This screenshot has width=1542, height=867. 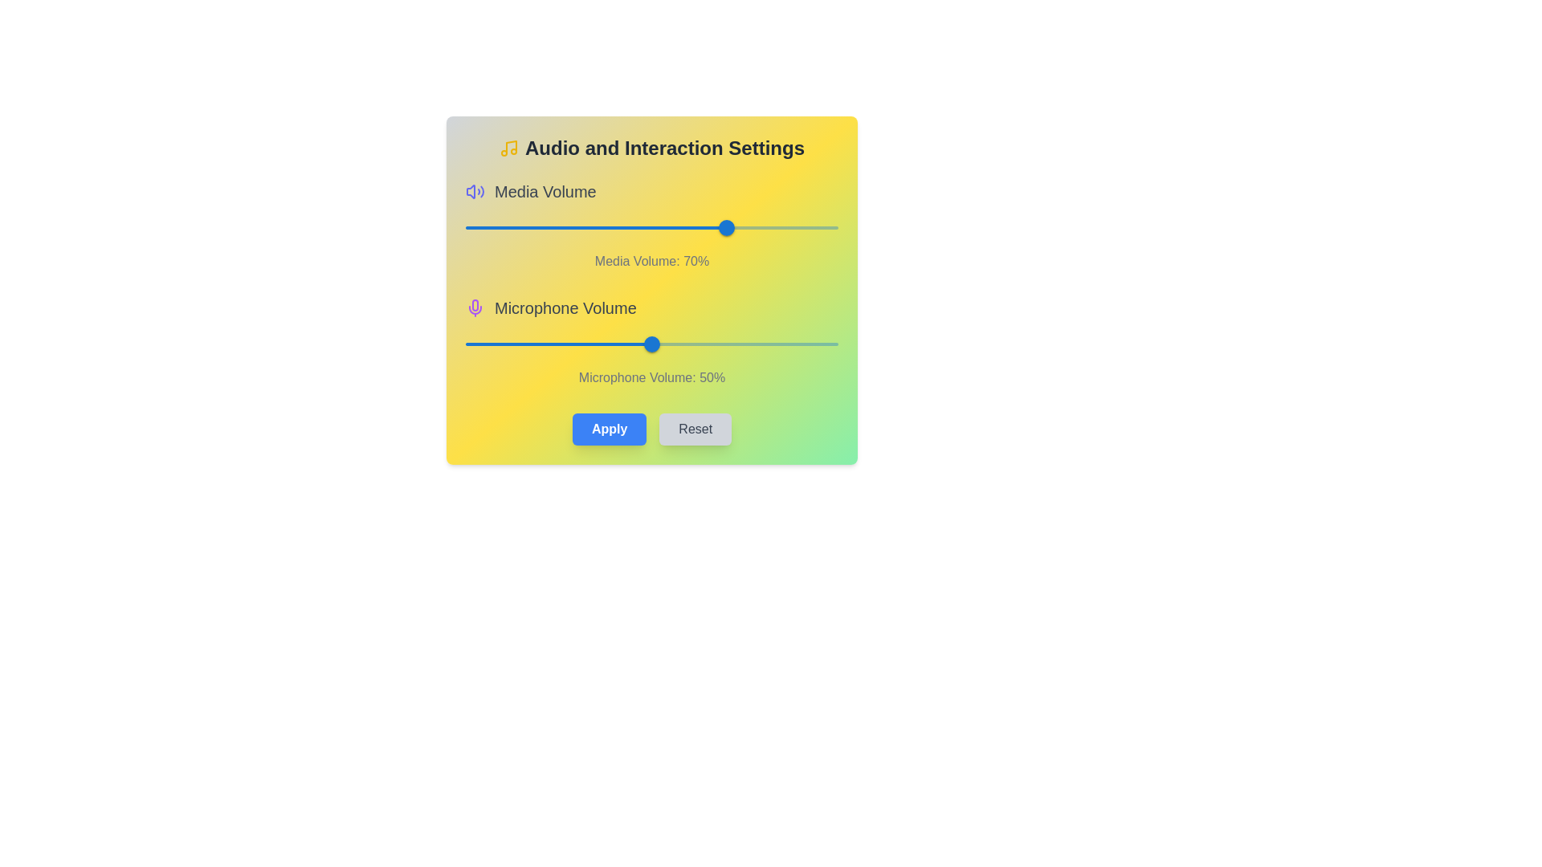 What do you see at coordinates (508, 149) in the screenshot?
I see `the yellow music icon styled as a note symbol located next to the title 'Audio and Interaction Settings' at the top center of the interface` at bounding box center [508, 149].